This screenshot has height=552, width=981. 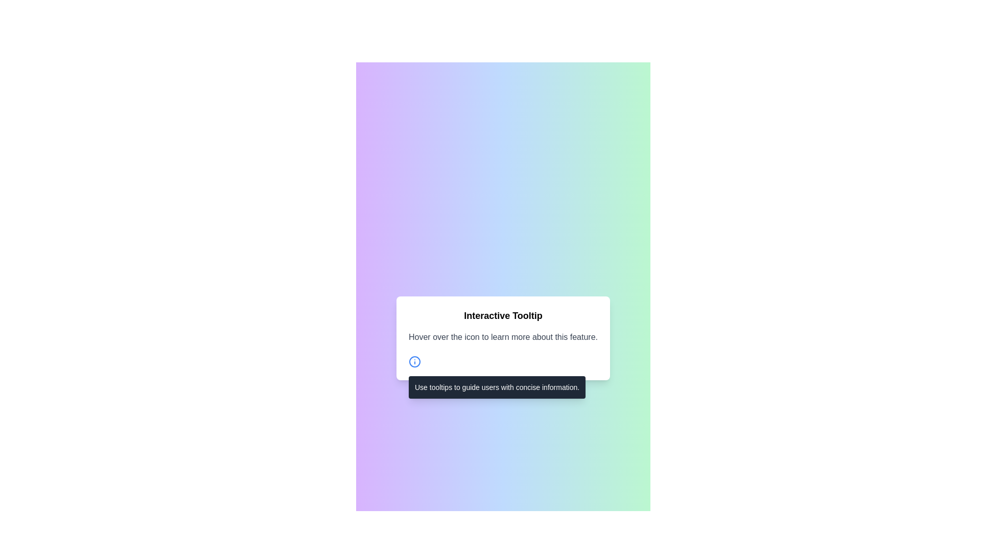 What do you see at coordinates (497, 387) in the screenshot?
I see `the dark grey tooltip with rounded corners containing the text 'Use tooltips to guide users with concise information.' positioned below the information icon` at bounding box center [497, 387].